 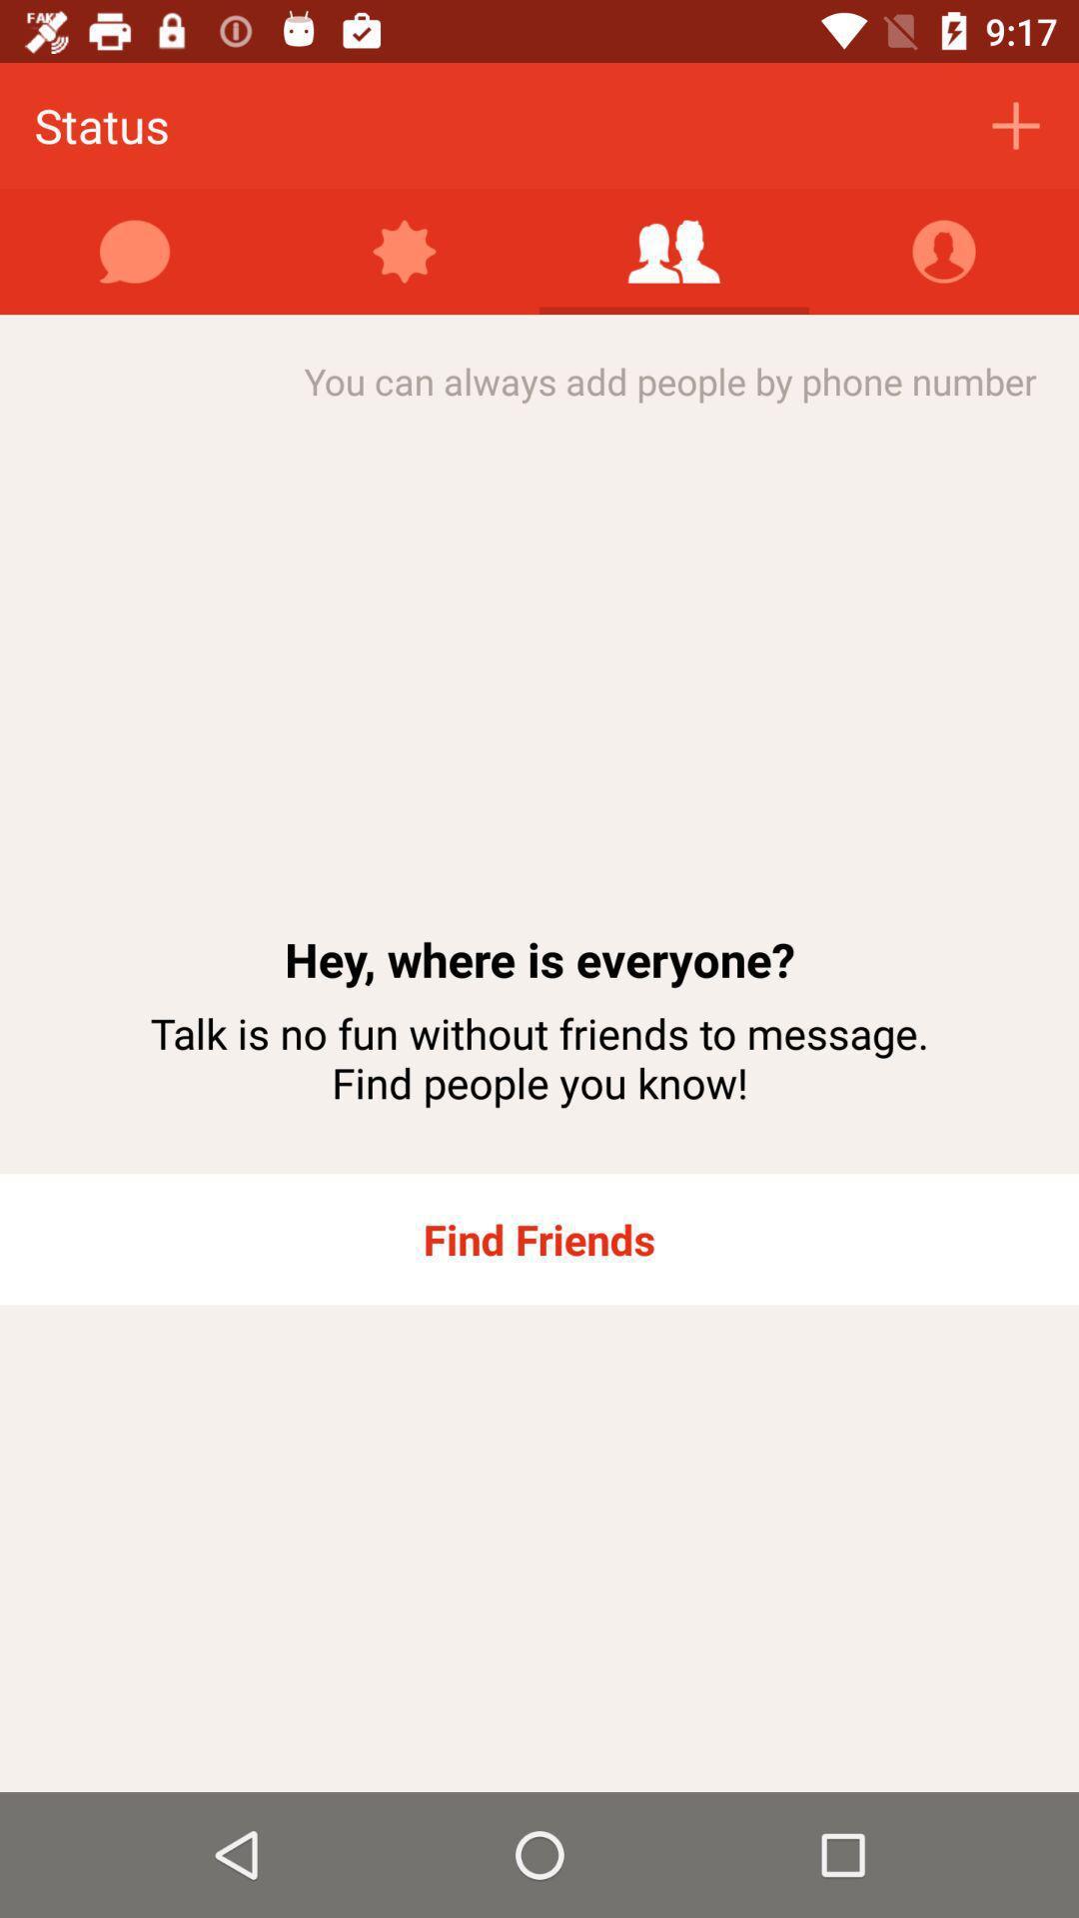 I want to click on option, so click(x=674, y=251).